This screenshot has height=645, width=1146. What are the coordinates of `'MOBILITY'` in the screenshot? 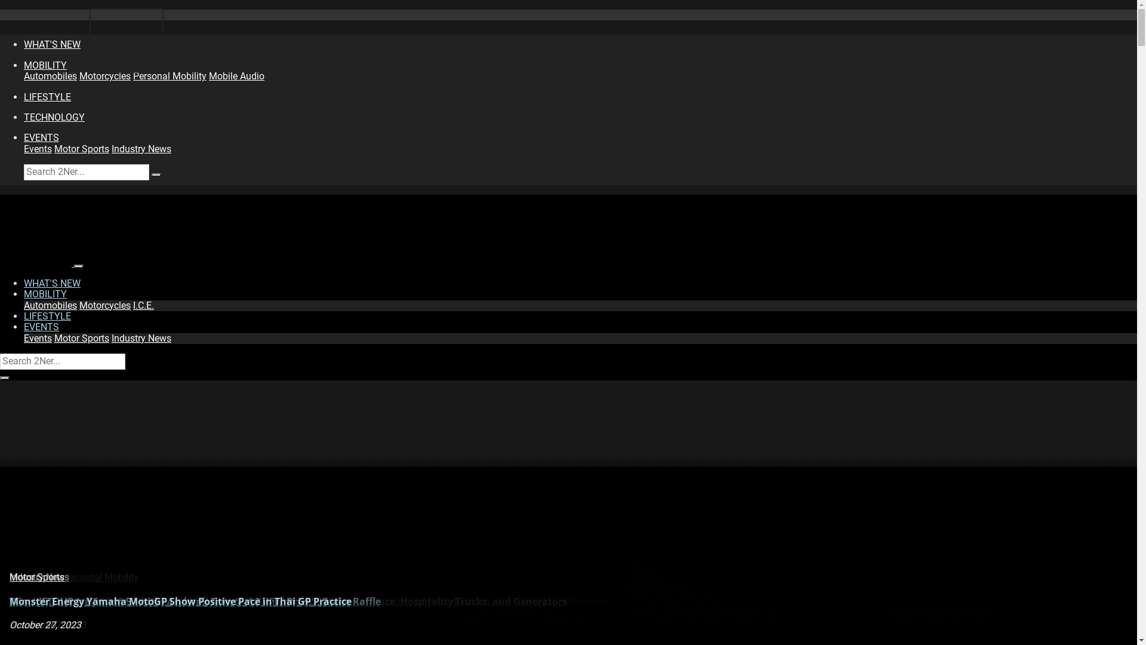 It's located at (45, 294).